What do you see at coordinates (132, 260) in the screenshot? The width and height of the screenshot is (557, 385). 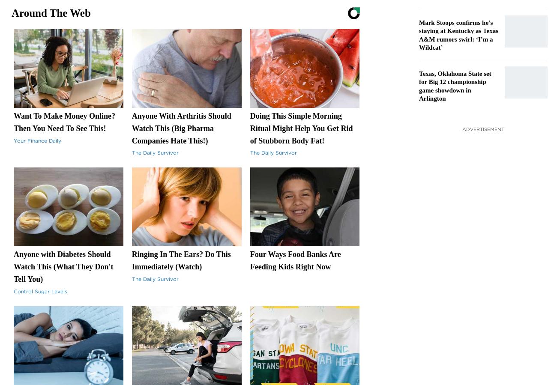 I see `'Ringing In The Ears? Do This Immediately (Watch)'` at bounding box center [132, 260].